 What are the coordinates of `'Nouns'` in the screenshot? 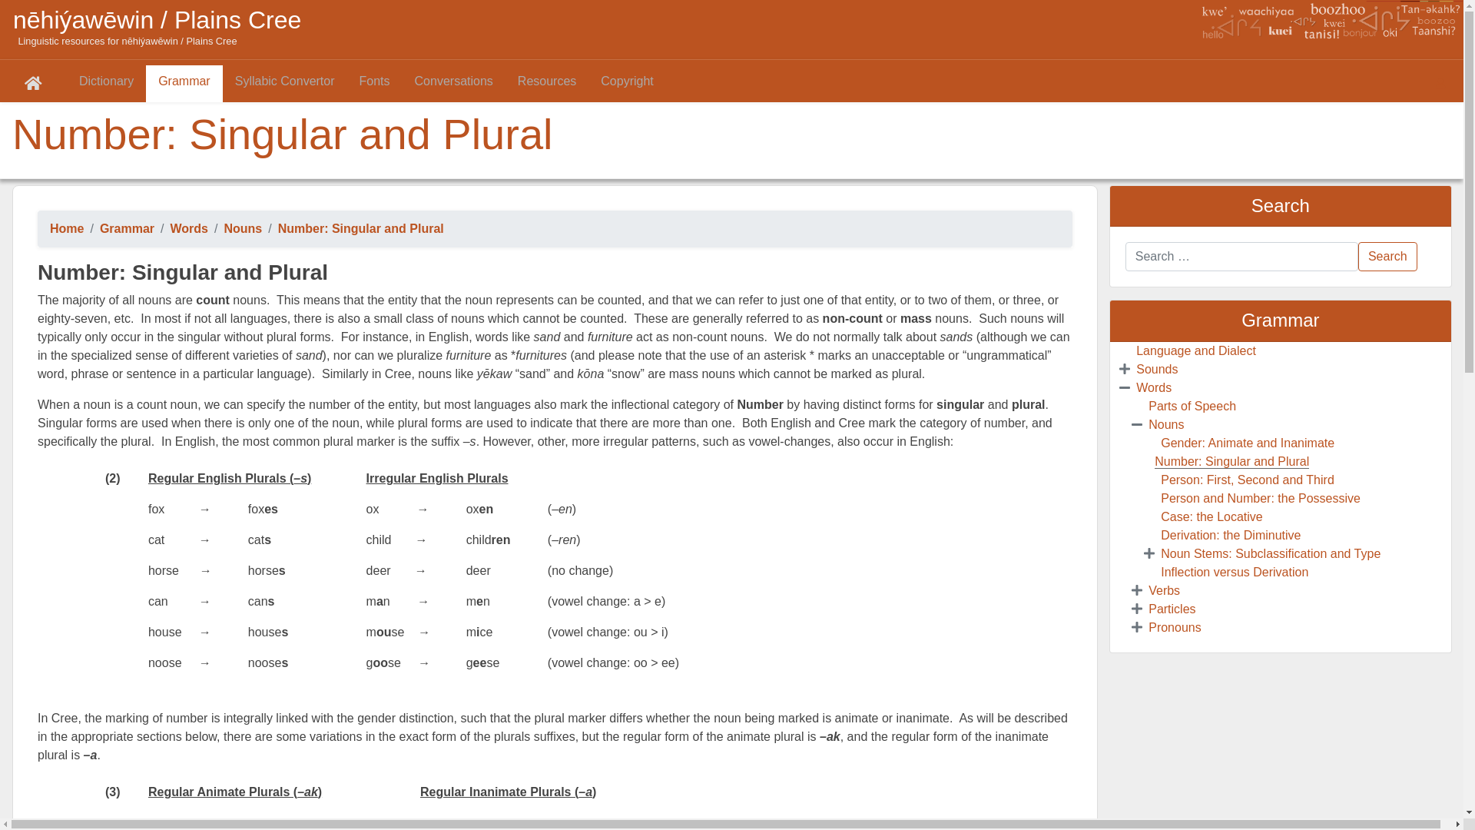 It's located at (242, 228).